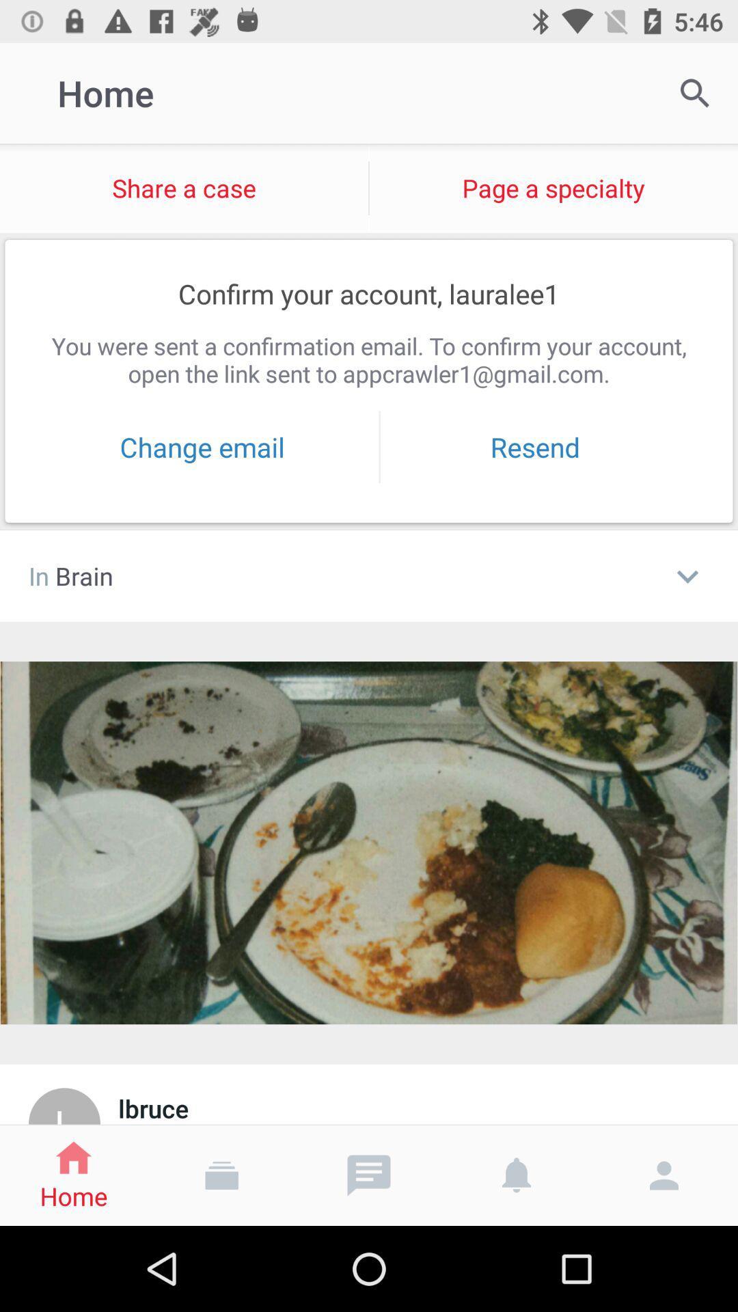 The width and height of the screenshot is (738, 1312). Describe the element at coordinates (534, 447) in the screenshot. I see `the item below the you were sent` at that location.